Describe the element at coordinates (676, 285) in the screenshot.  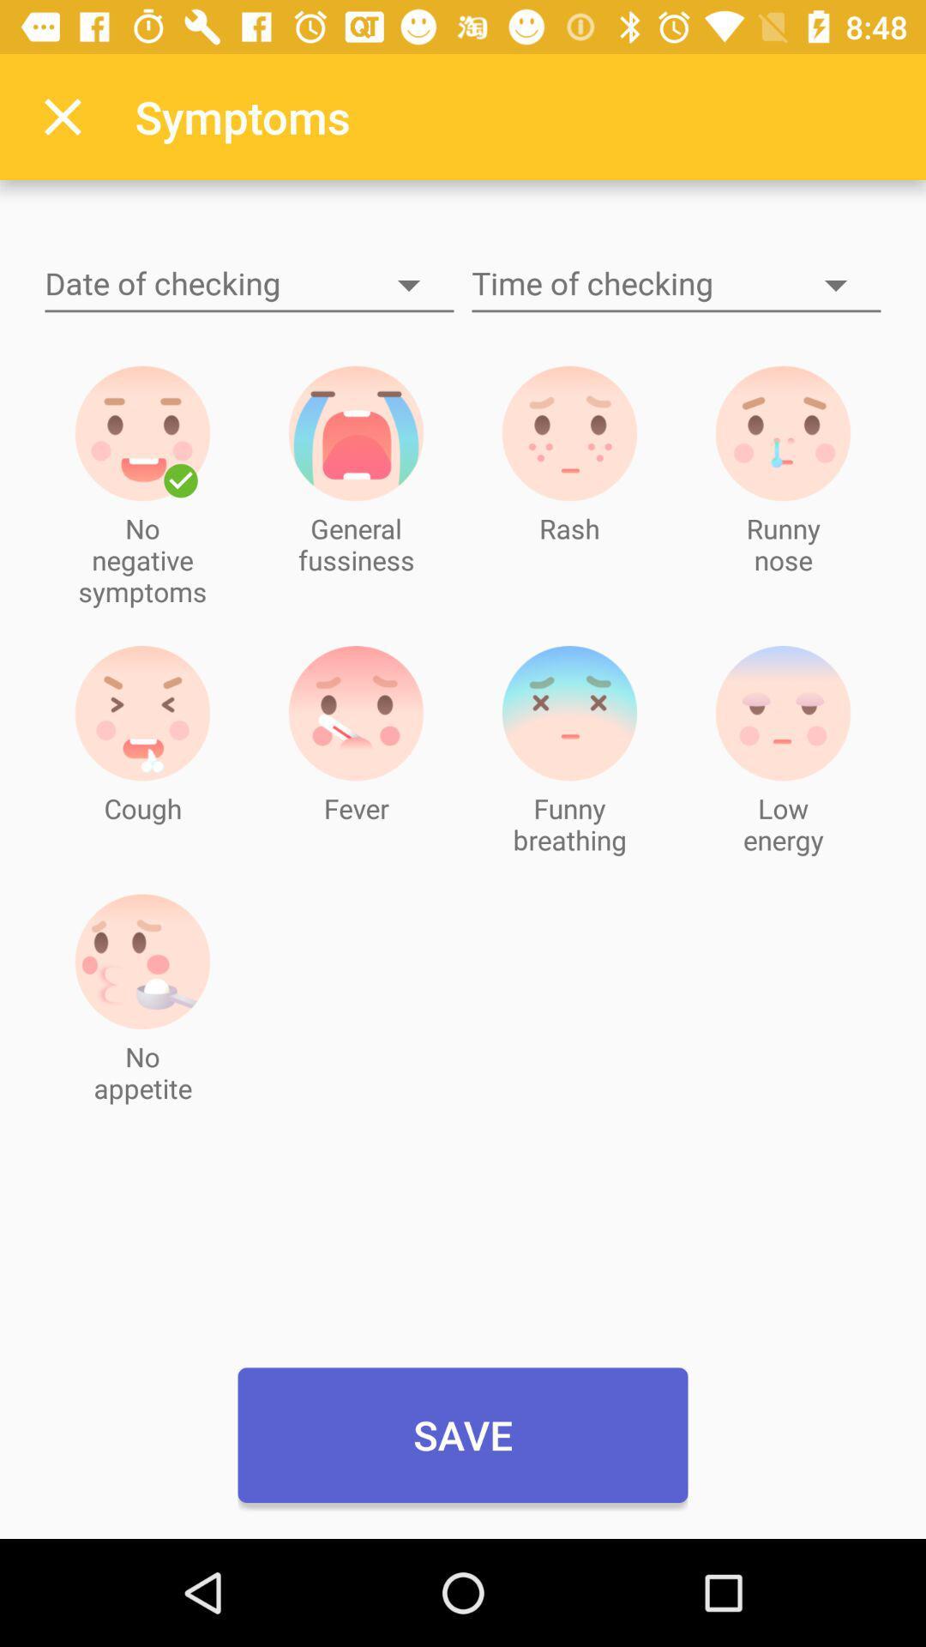
I see `the time` at that location.